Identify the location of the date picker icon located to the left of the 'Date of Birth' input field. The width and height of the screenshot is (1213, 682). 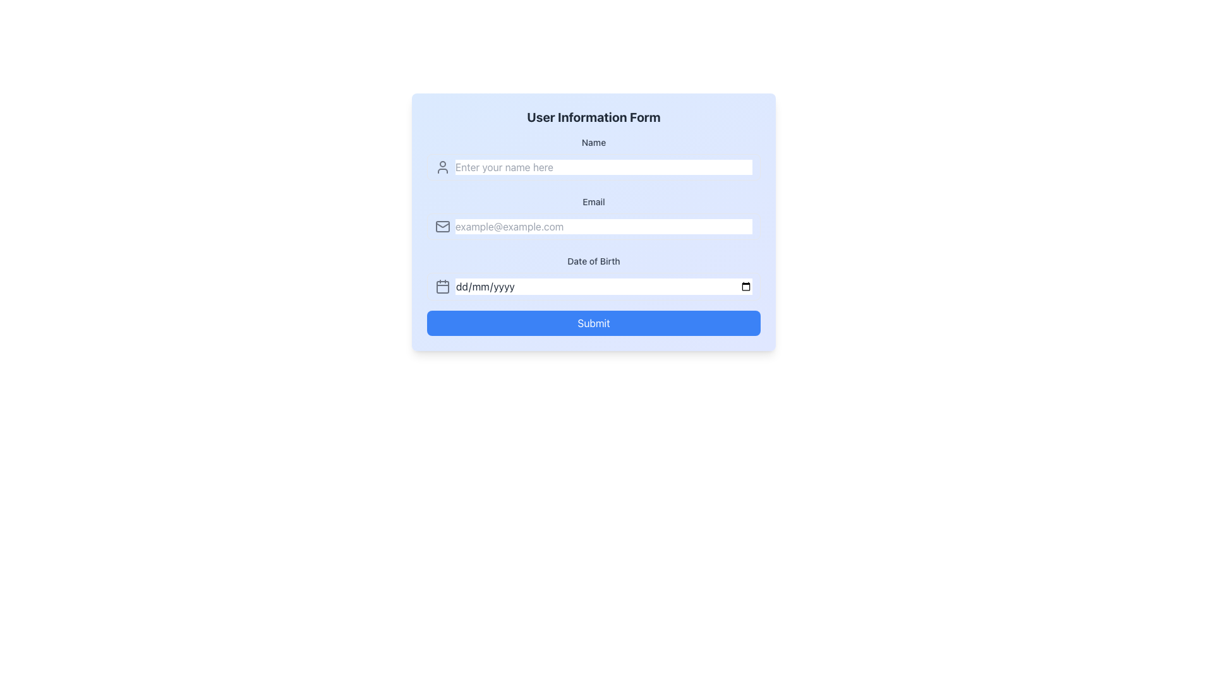
(442, 287).